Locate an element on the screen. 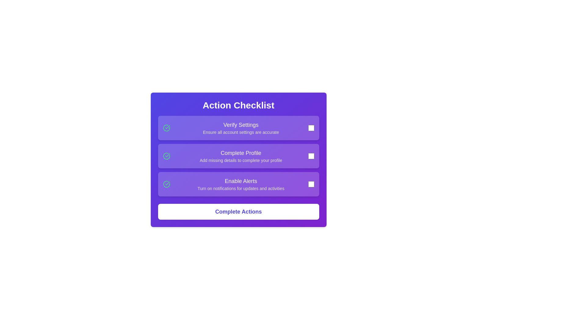  the 'Complete Actions' button is located at coordinates (238, 211).